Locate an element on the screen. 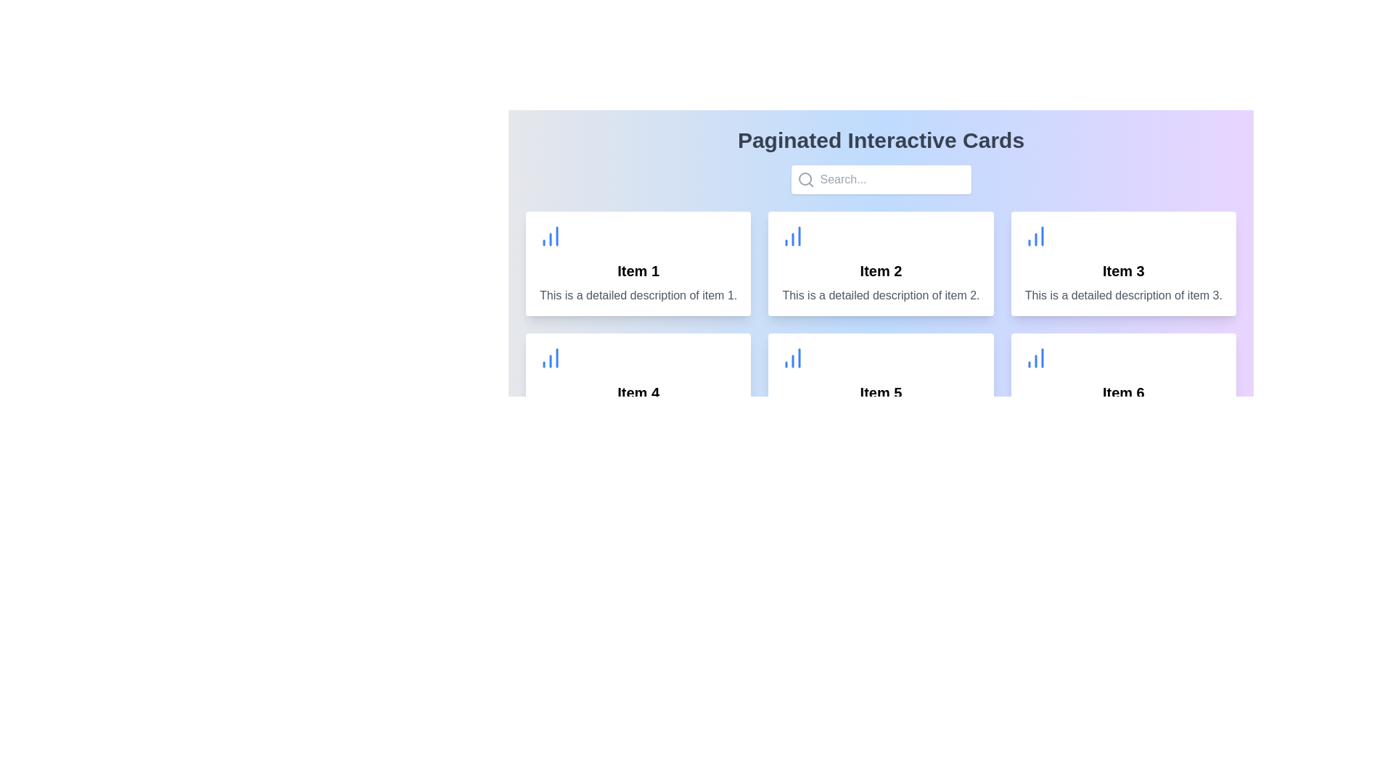 This screenshot has height=783, width=1393. the Informational Card displaying 'Item 3', which is the third card in a grid layout, located at the top row, third column is located at coordinates (1122, 263).